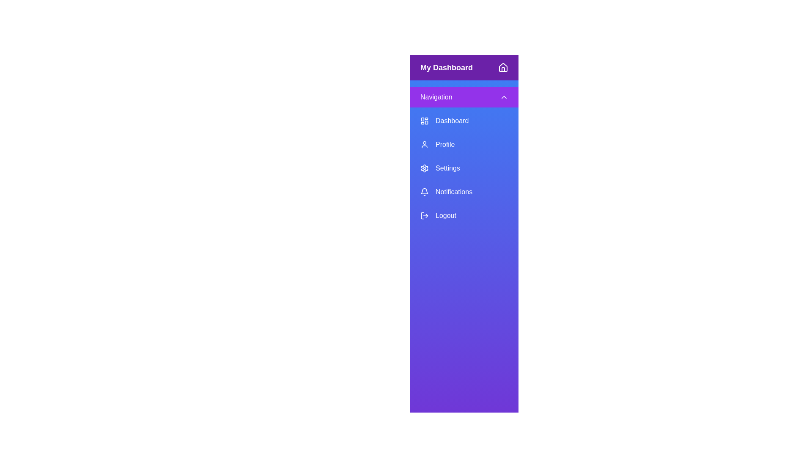 The height and width of the screenshot is (457, 812). What do you see at coordinates (446, 67) in the screenshot?
I see `the text label indicating the dashboard section, located in the upper-left corner of the purple header bar, preceding the home button icon` at bounding box center [446, 67].